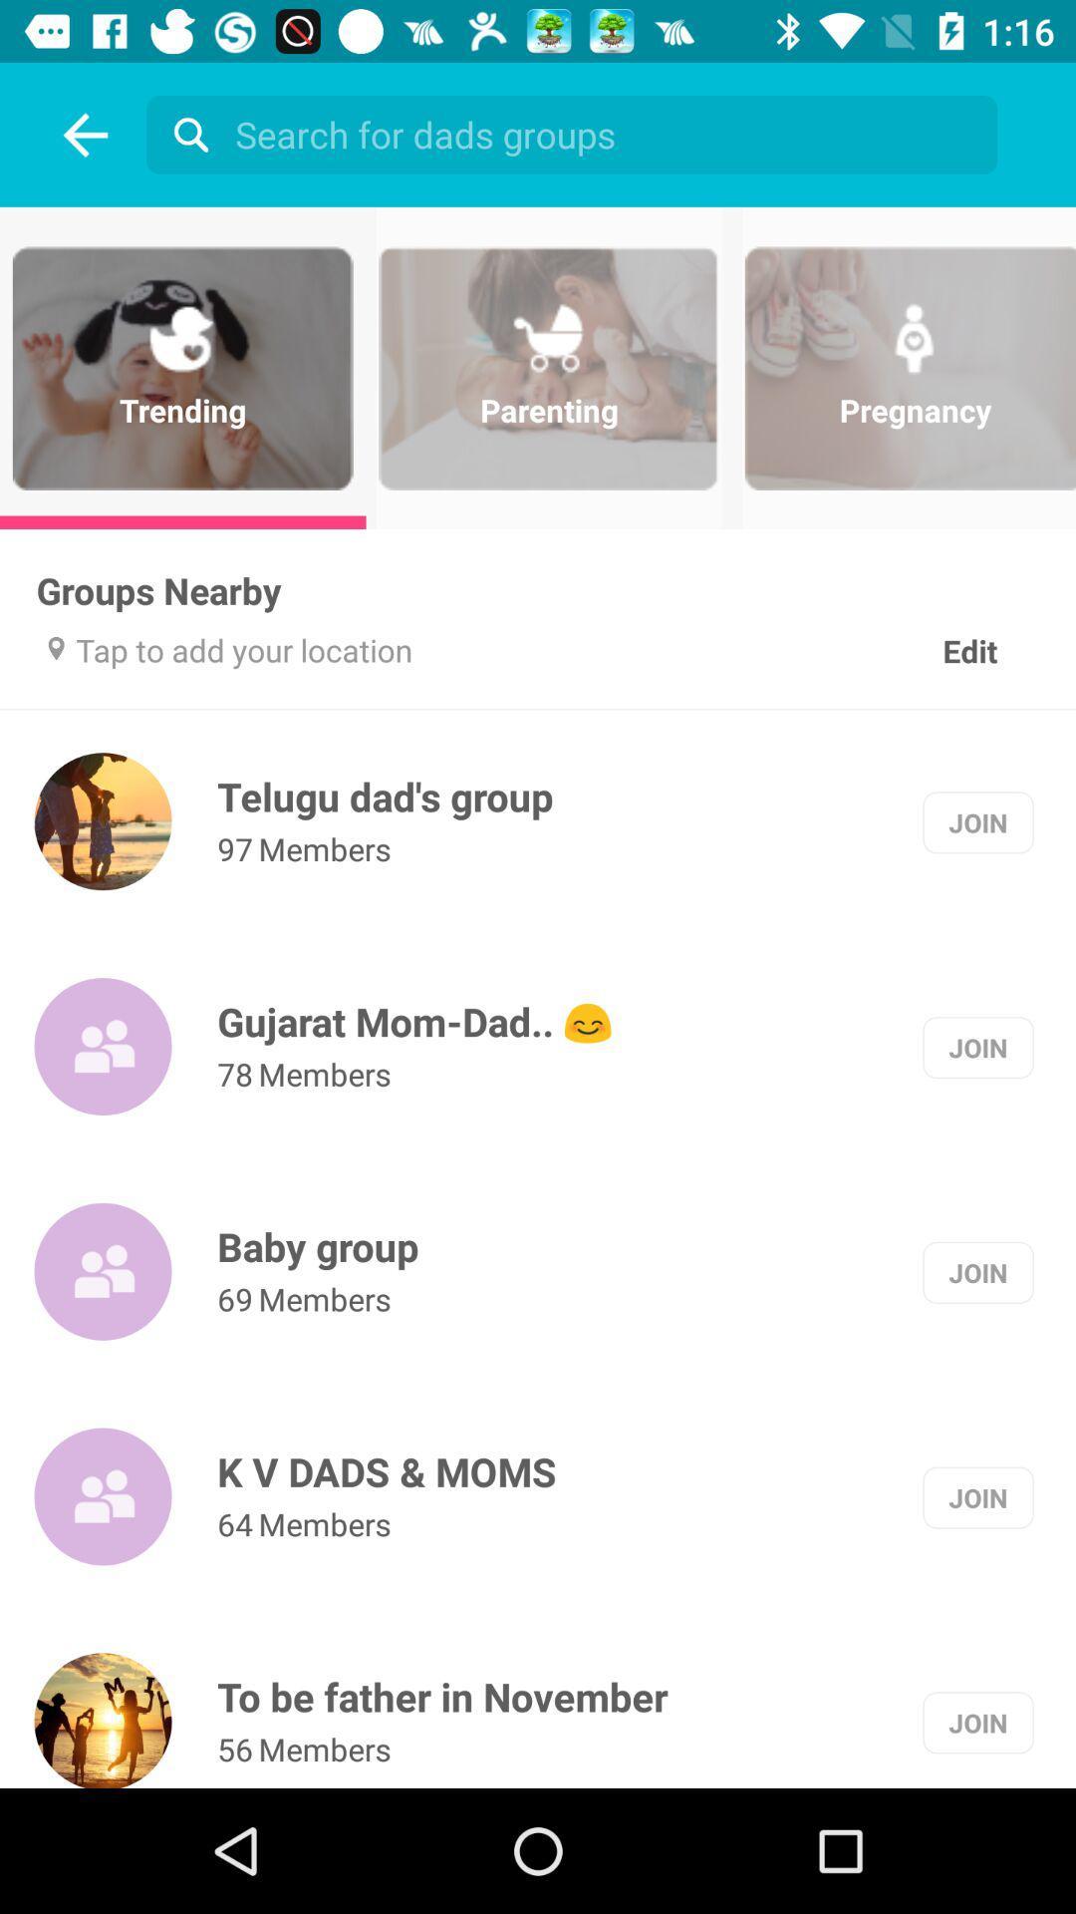 This screenshot has width=1076, height=1914. Describe the element at coordinates (968, 628) in the screenshot. I see `the edit` at that location.